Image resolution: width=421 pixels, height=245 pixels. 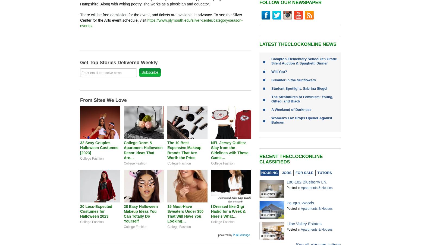 What do you see at coordinates (293, 80) in the screenshot?
I see `'Summer in the Sunflowers'` at bounding box center [293, 80].